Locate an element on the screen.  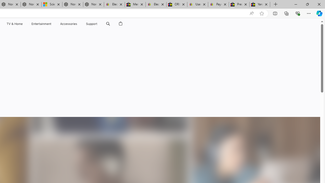
'TV and Home' is located at coordinates (14, 24).